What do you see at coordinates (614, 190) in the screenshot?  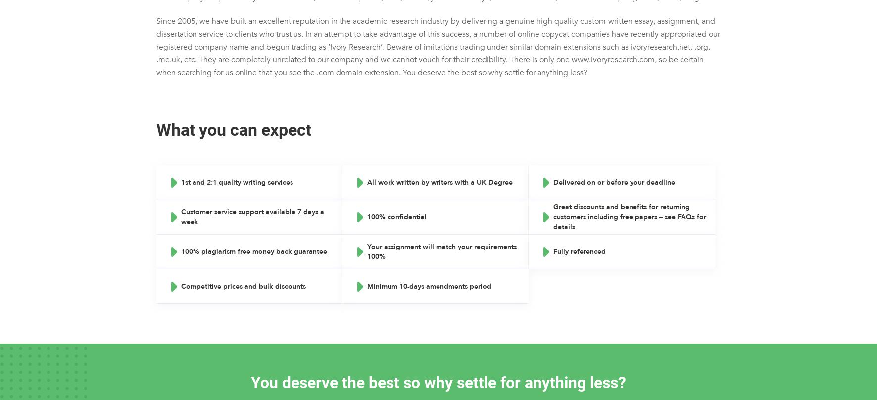 I see `'Delivered on or before your deadline'` at bounding box center [614, 190].